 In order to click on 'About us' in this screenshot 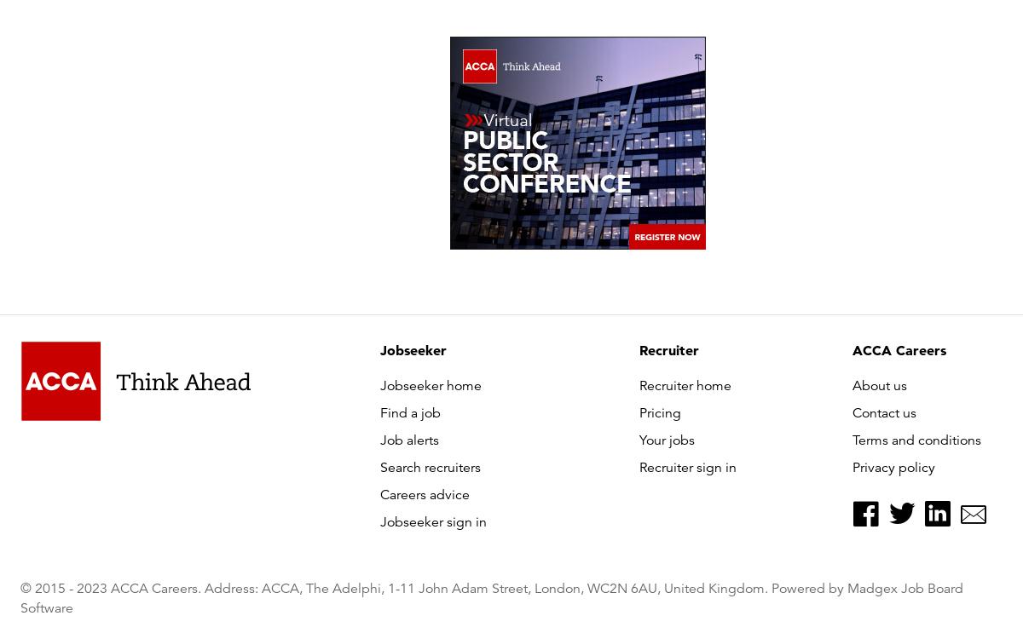, I will do `click(880, 385)`.